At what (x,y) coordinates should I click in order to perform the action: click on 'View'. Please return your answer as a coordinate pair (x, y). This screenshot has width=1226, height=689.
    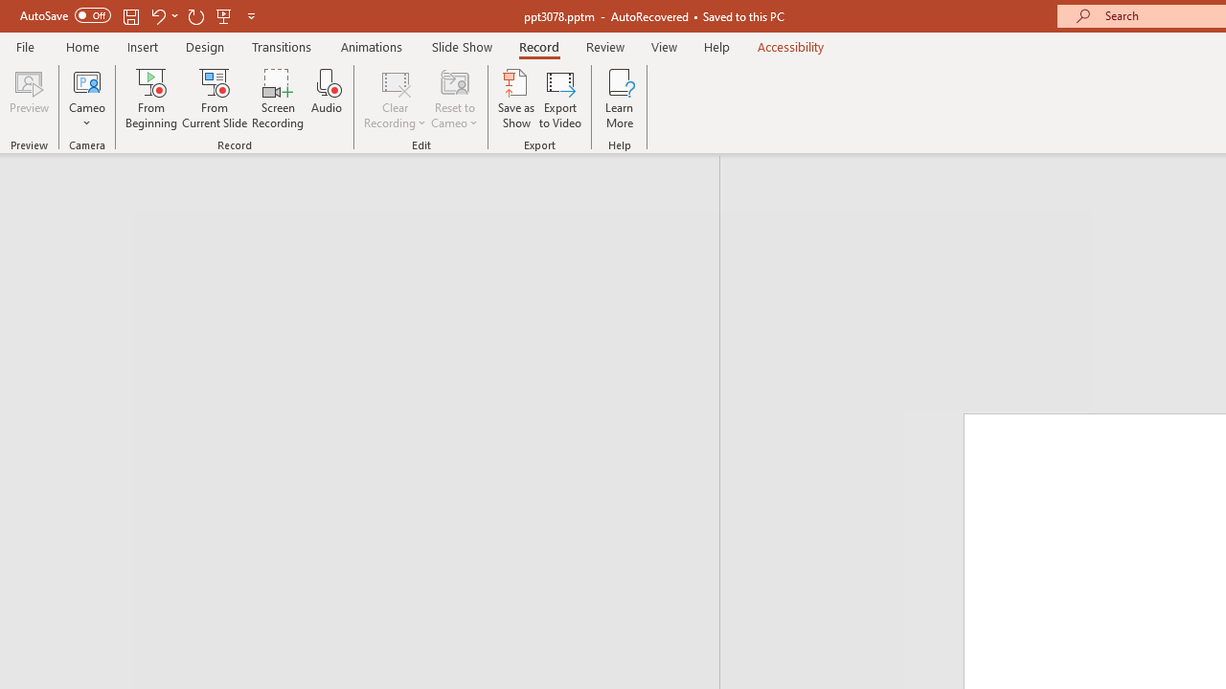
    Looking at the image, I should click on (664, 46).